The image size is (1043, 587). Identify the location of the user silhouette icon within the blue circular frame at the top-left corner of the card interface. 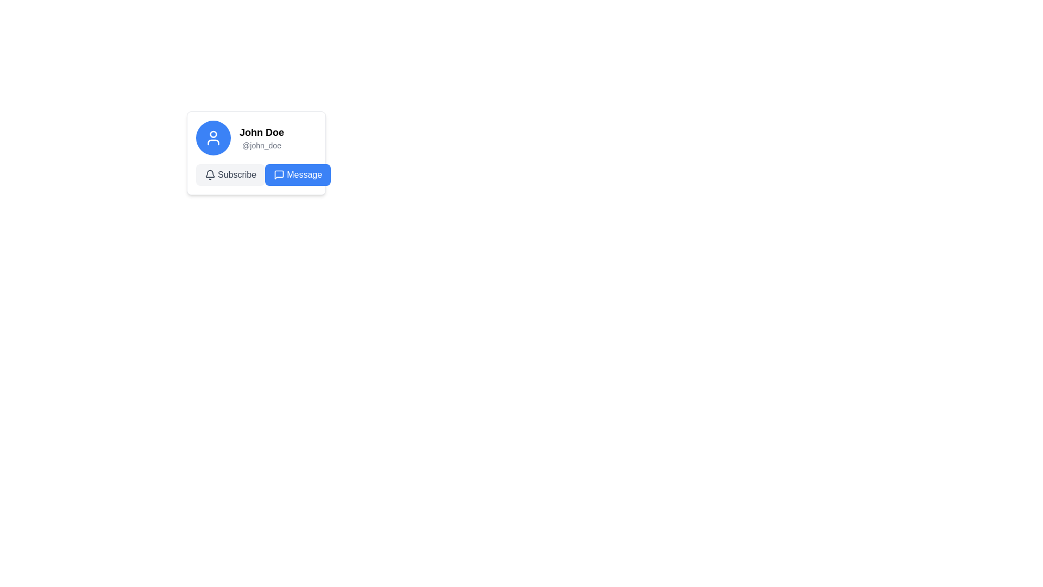
(213, 138).